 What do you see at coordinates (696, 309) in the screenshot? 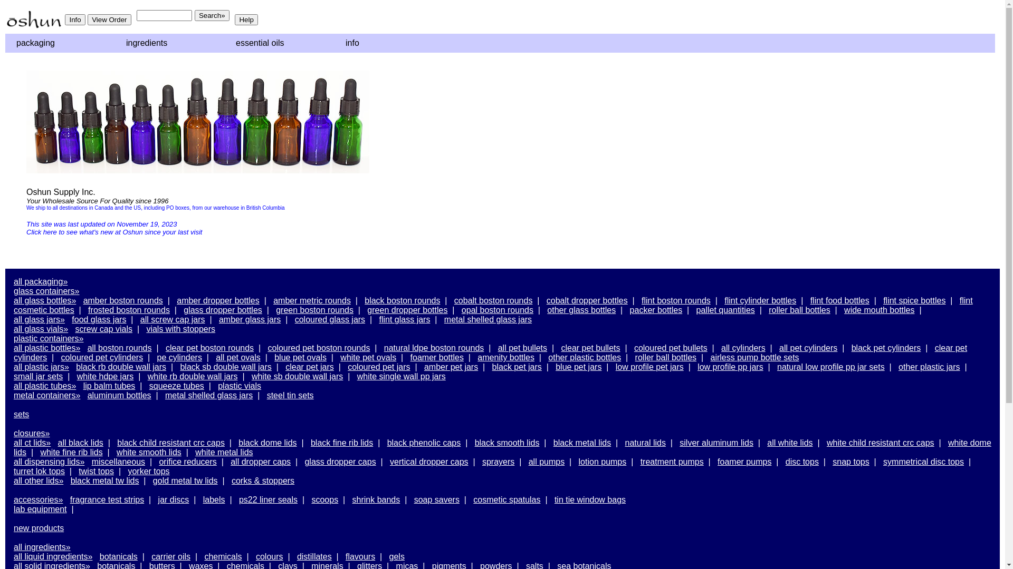
I see `'pallet quantities'` at bounding box center [696, 309].